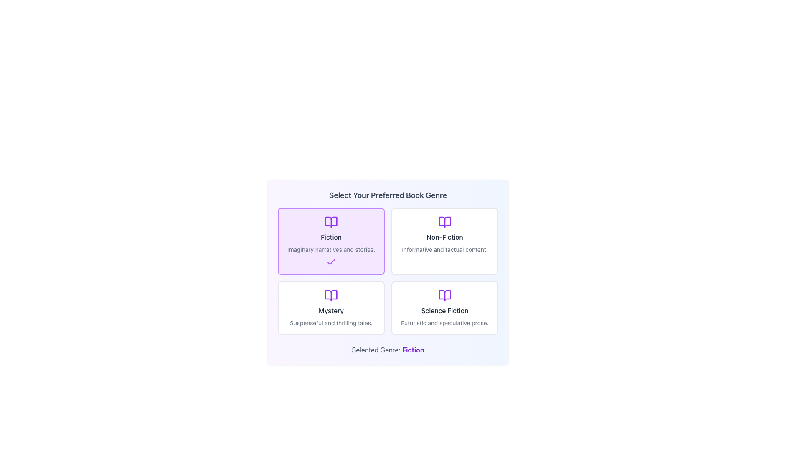 The height and width of the screenshot is (451, 802). Describe the element at coordinates (444, 241) in the screenshot. I see `the 'Non-Fiction' card component, which is identified by its purple book icon and the title in bold dark-gray text` at that location.